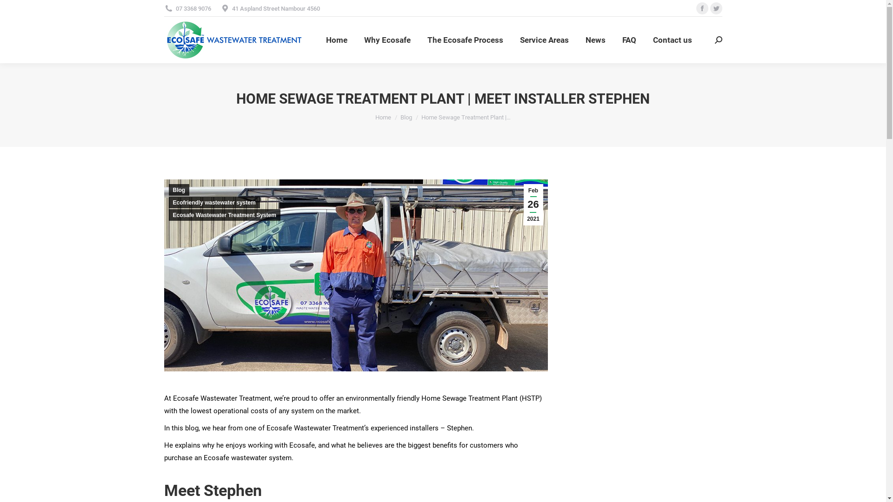 Image resolution: width=893 pixels, height=502 pixels. Describe the element at coordinates (406, 117) in the screenshot. I see `'Blog'` at that location.